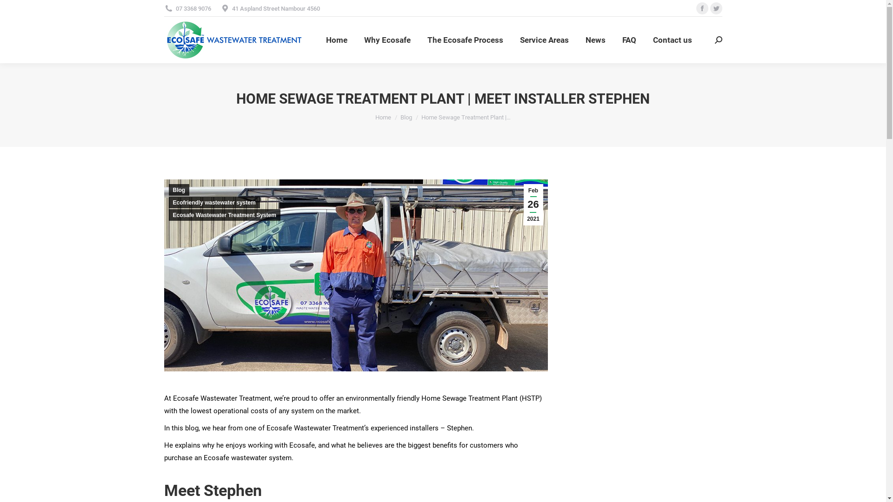 Image resolution: width=893 pixels, height=502 pixels. Describe the element at coordinates (406, 117) in the screenshot. I see `'Blog'` at that location.